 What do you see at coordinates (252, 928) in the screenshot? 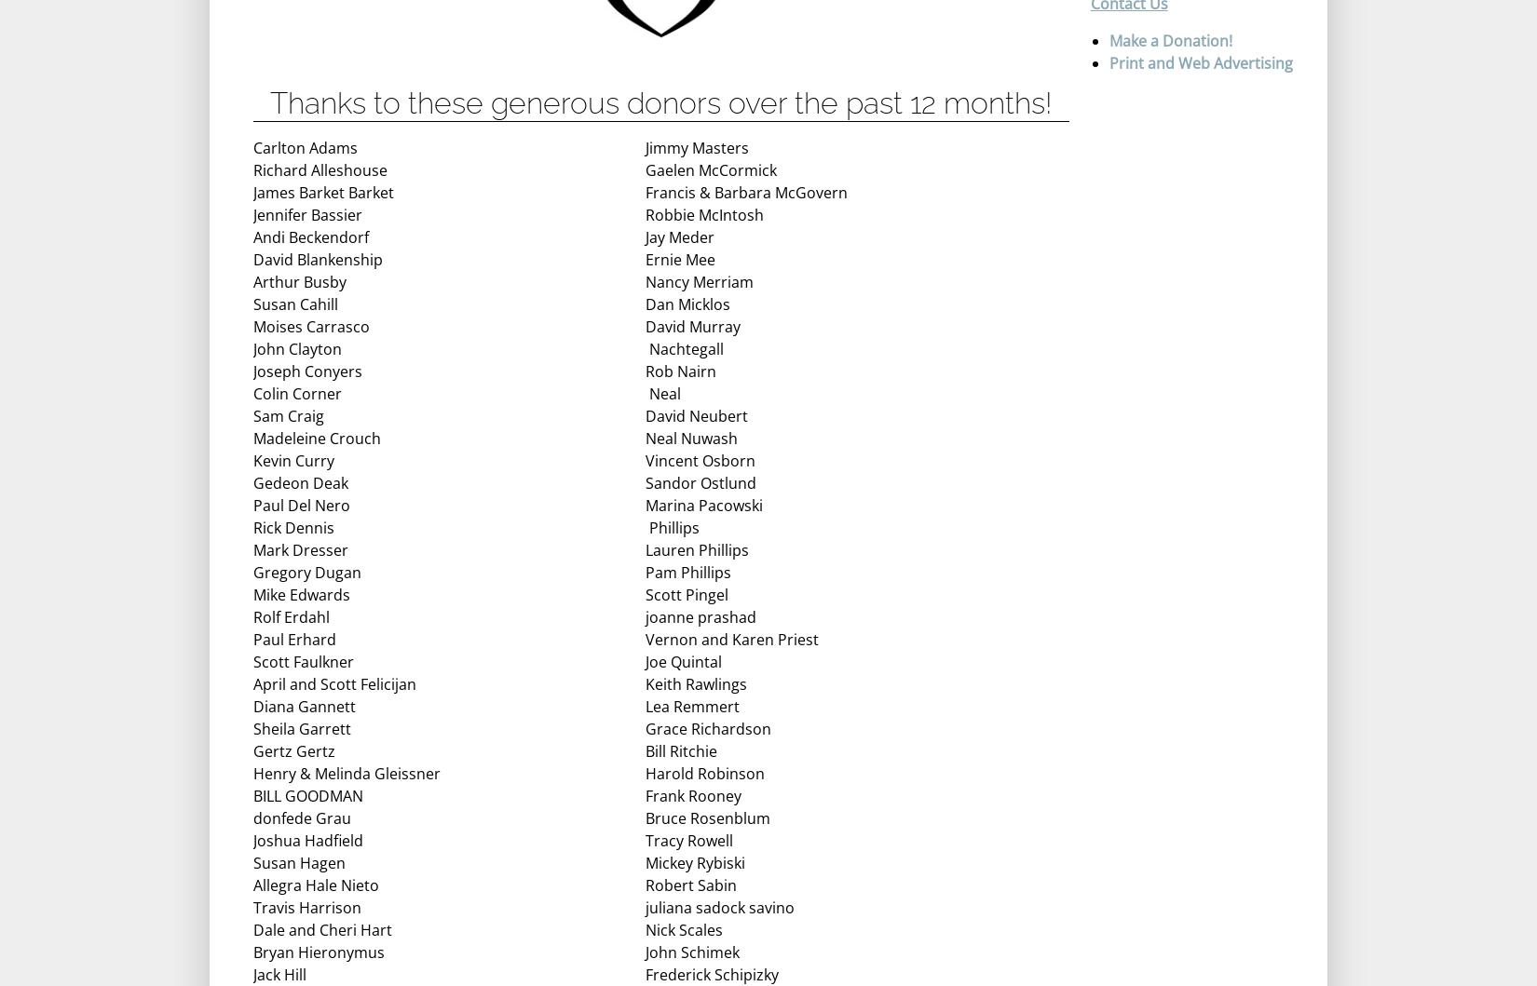
I see `'Dale and Cheri Hart'` at bounding box center [252, 928].